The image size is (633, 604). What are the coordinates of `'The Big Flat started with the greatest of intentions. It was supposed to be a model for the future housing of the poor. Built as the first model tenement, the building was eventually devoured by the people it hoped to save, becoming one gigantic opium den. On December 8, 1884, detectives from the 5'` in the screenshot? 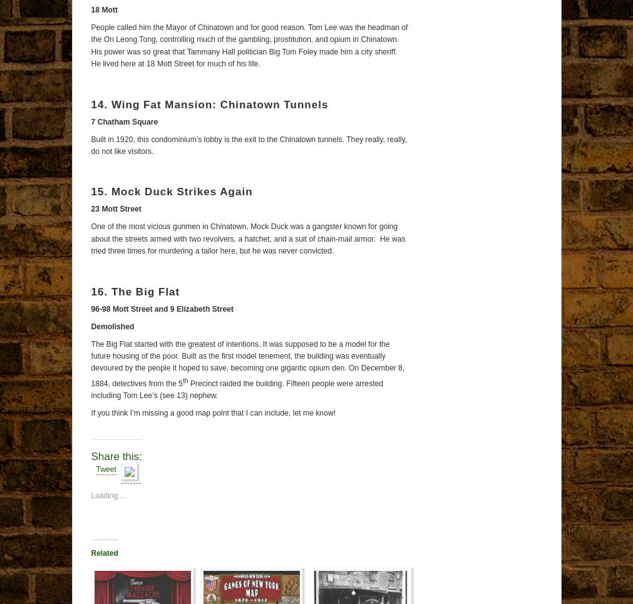 It's located at (247, 363).